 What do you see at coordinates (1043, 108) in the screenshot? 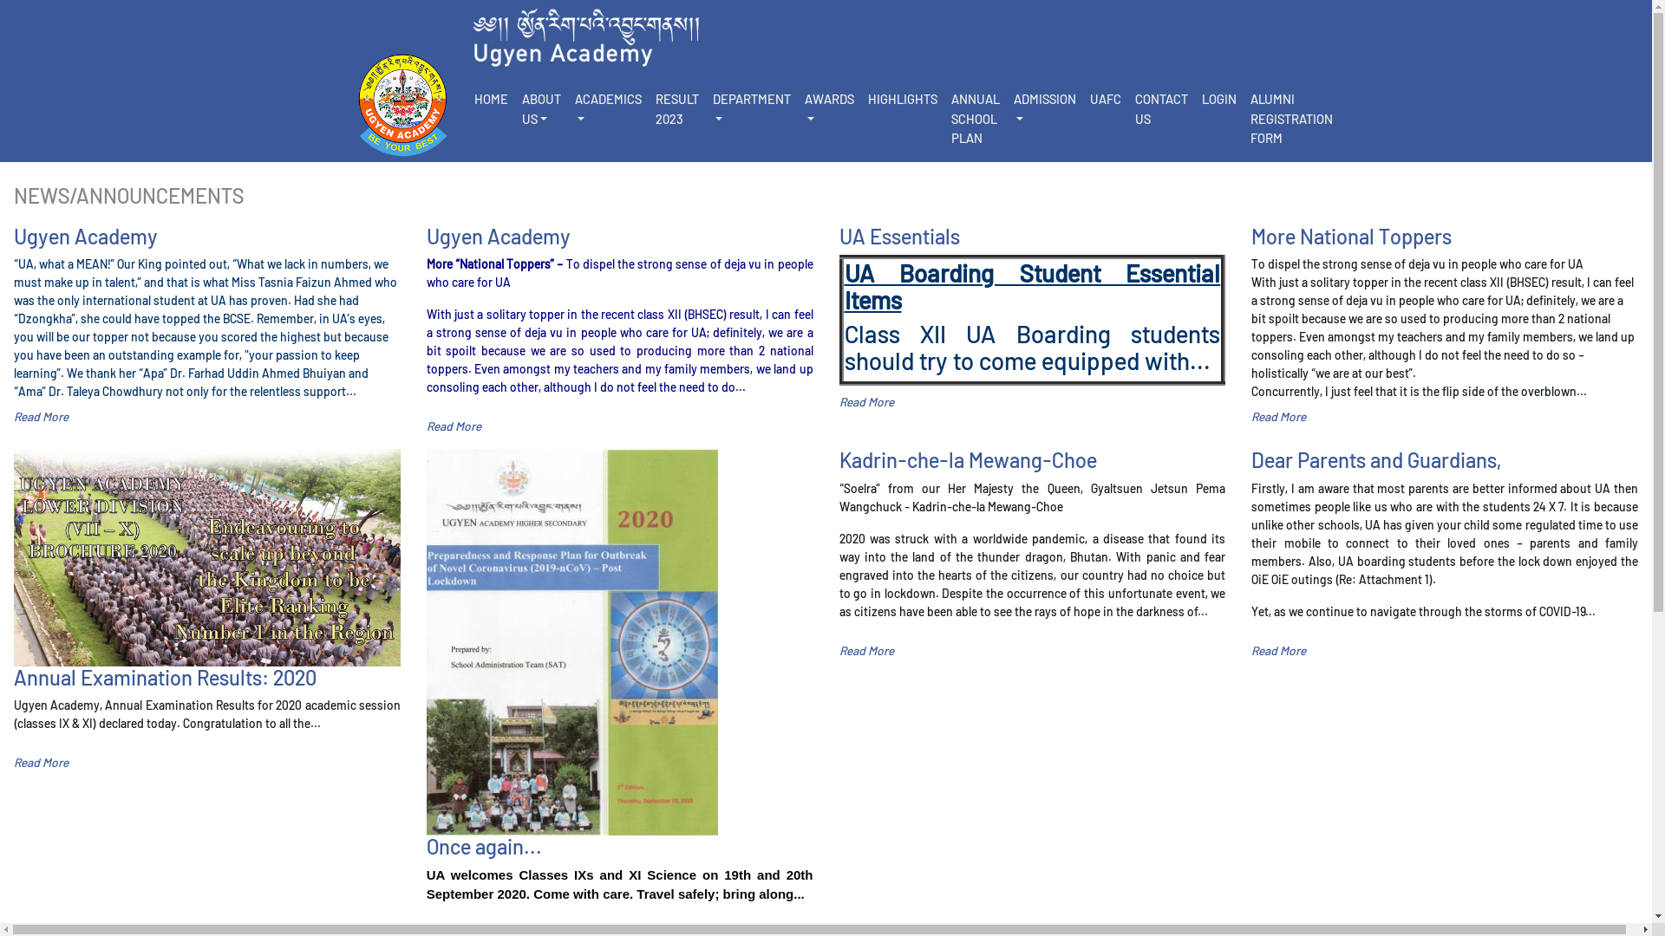
I see `'ADMISSION'` at bounding box center [1043, 108].